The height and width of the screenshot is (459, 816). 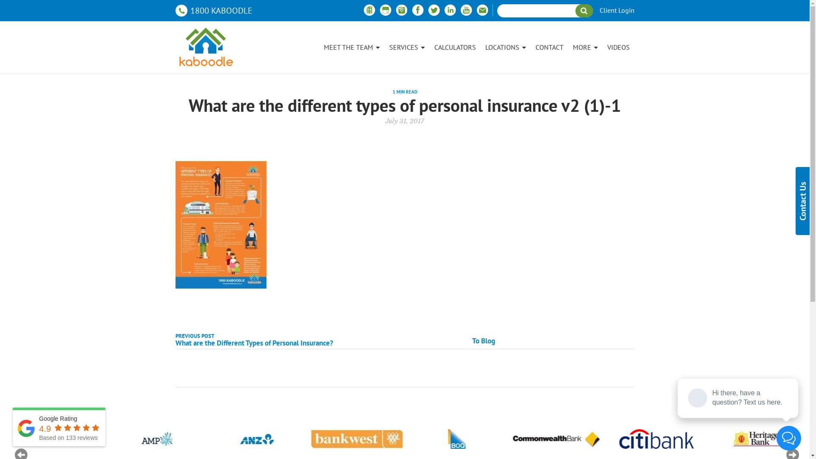 I want to click on 'Client Login', so click(x=616, y=10).